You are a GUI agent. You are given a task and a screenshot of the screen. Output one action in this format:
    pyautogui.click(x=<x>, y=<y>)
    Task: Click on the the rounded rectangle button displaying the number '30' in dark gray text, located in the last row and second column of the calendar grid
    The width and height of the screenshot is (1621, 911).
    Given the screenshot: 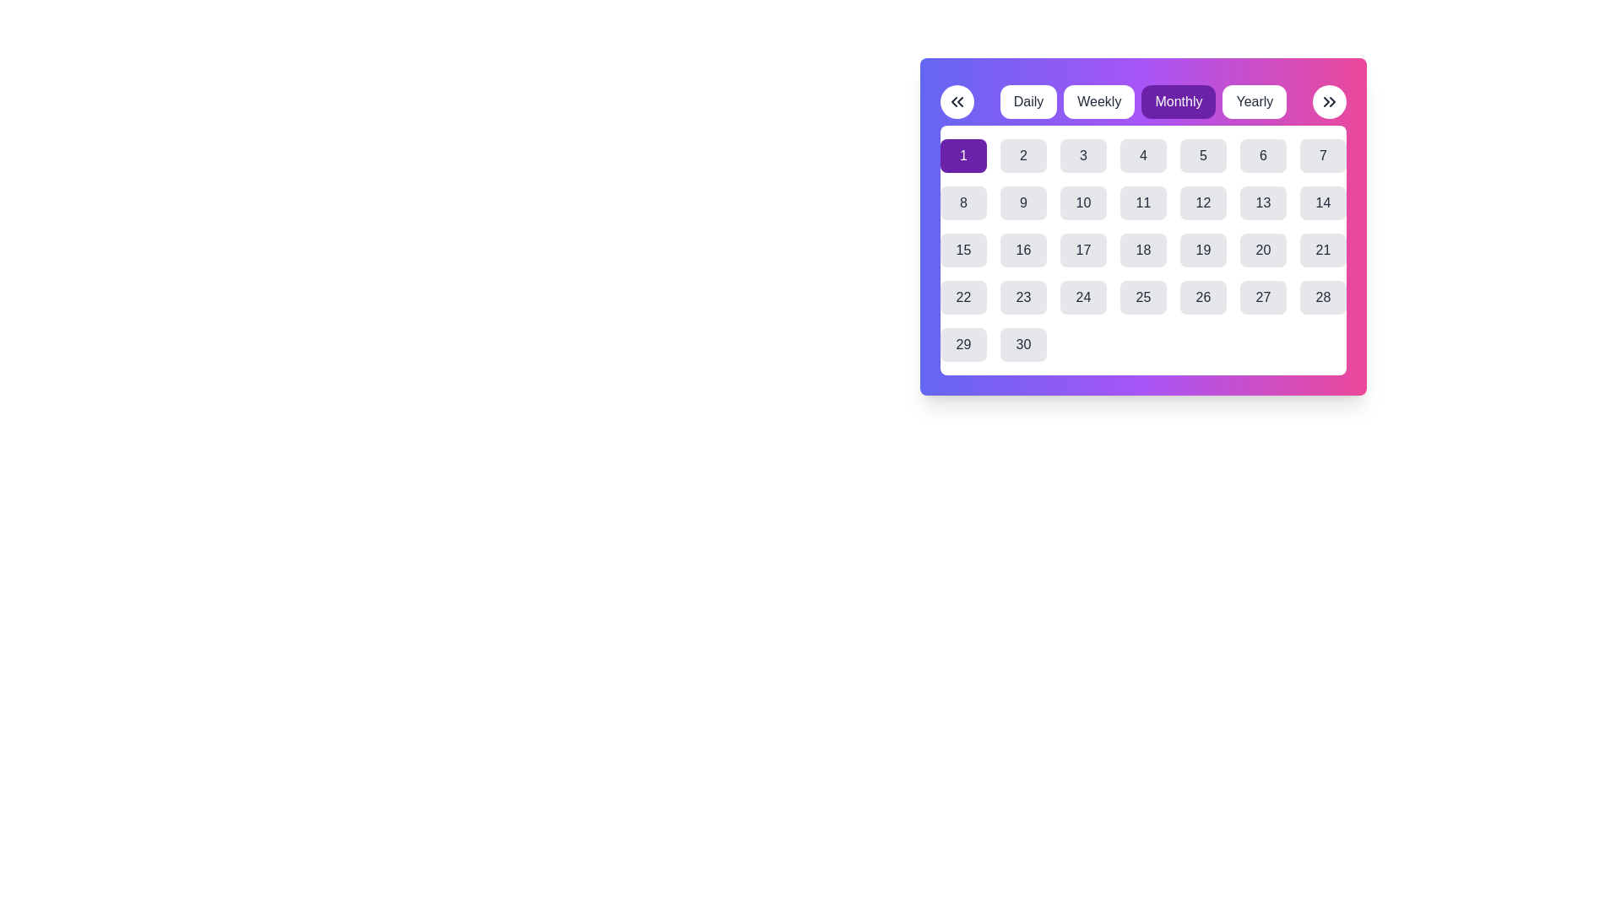 What is the action you would take?
    pyautogui.click(x=1022, y=343)
    